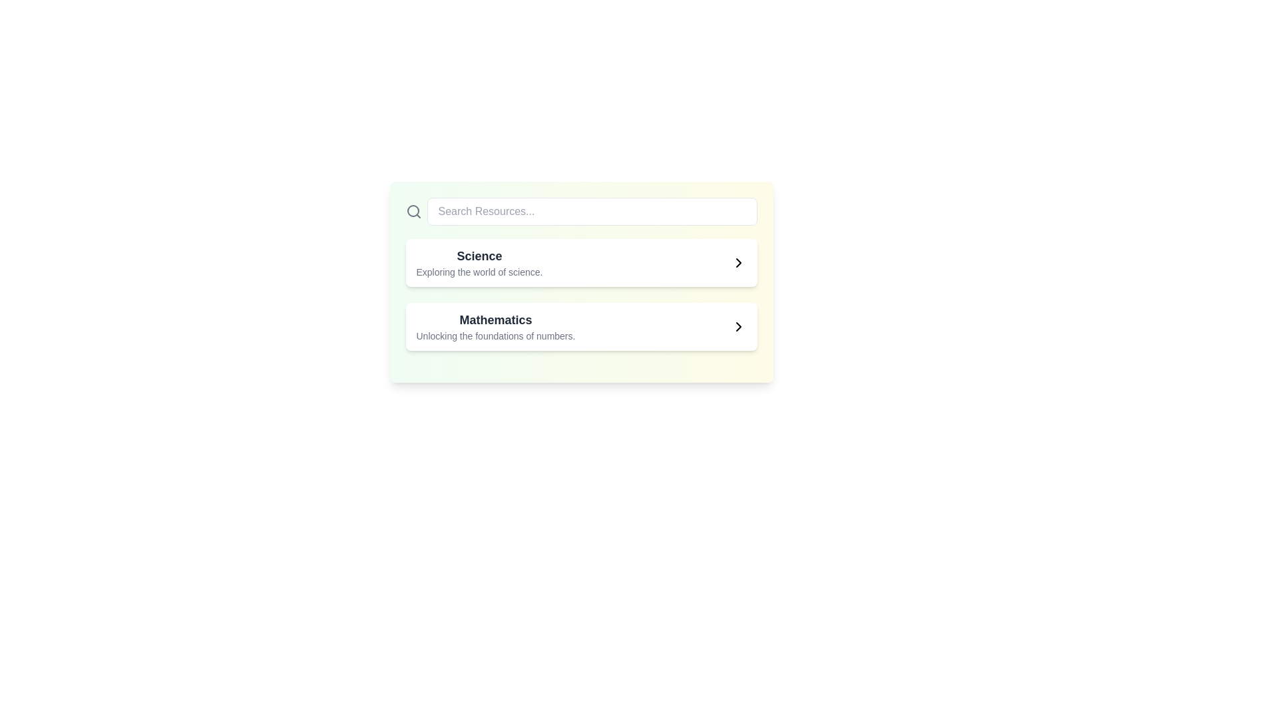 This screenshot has height=719, width=1278. I want to click on the right-pointing chevron icon located in the top-right corner of the 'Science' card, so click(738, 262).